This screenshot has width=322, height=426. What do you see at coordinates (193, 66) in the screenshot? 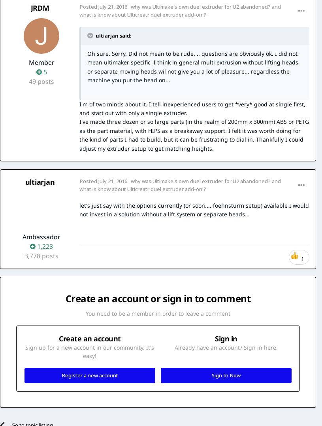
I see `'Oh sure. Sorry. Did not mean to be rude. .. questions are obviously ok. I did not mean ultimaker specific  I think in general multi extrusion without lifting heads or separate moving heads wil not give you a lot of pleasure... regardless the machine you put the head on...'` at bounding box center [193, 66].